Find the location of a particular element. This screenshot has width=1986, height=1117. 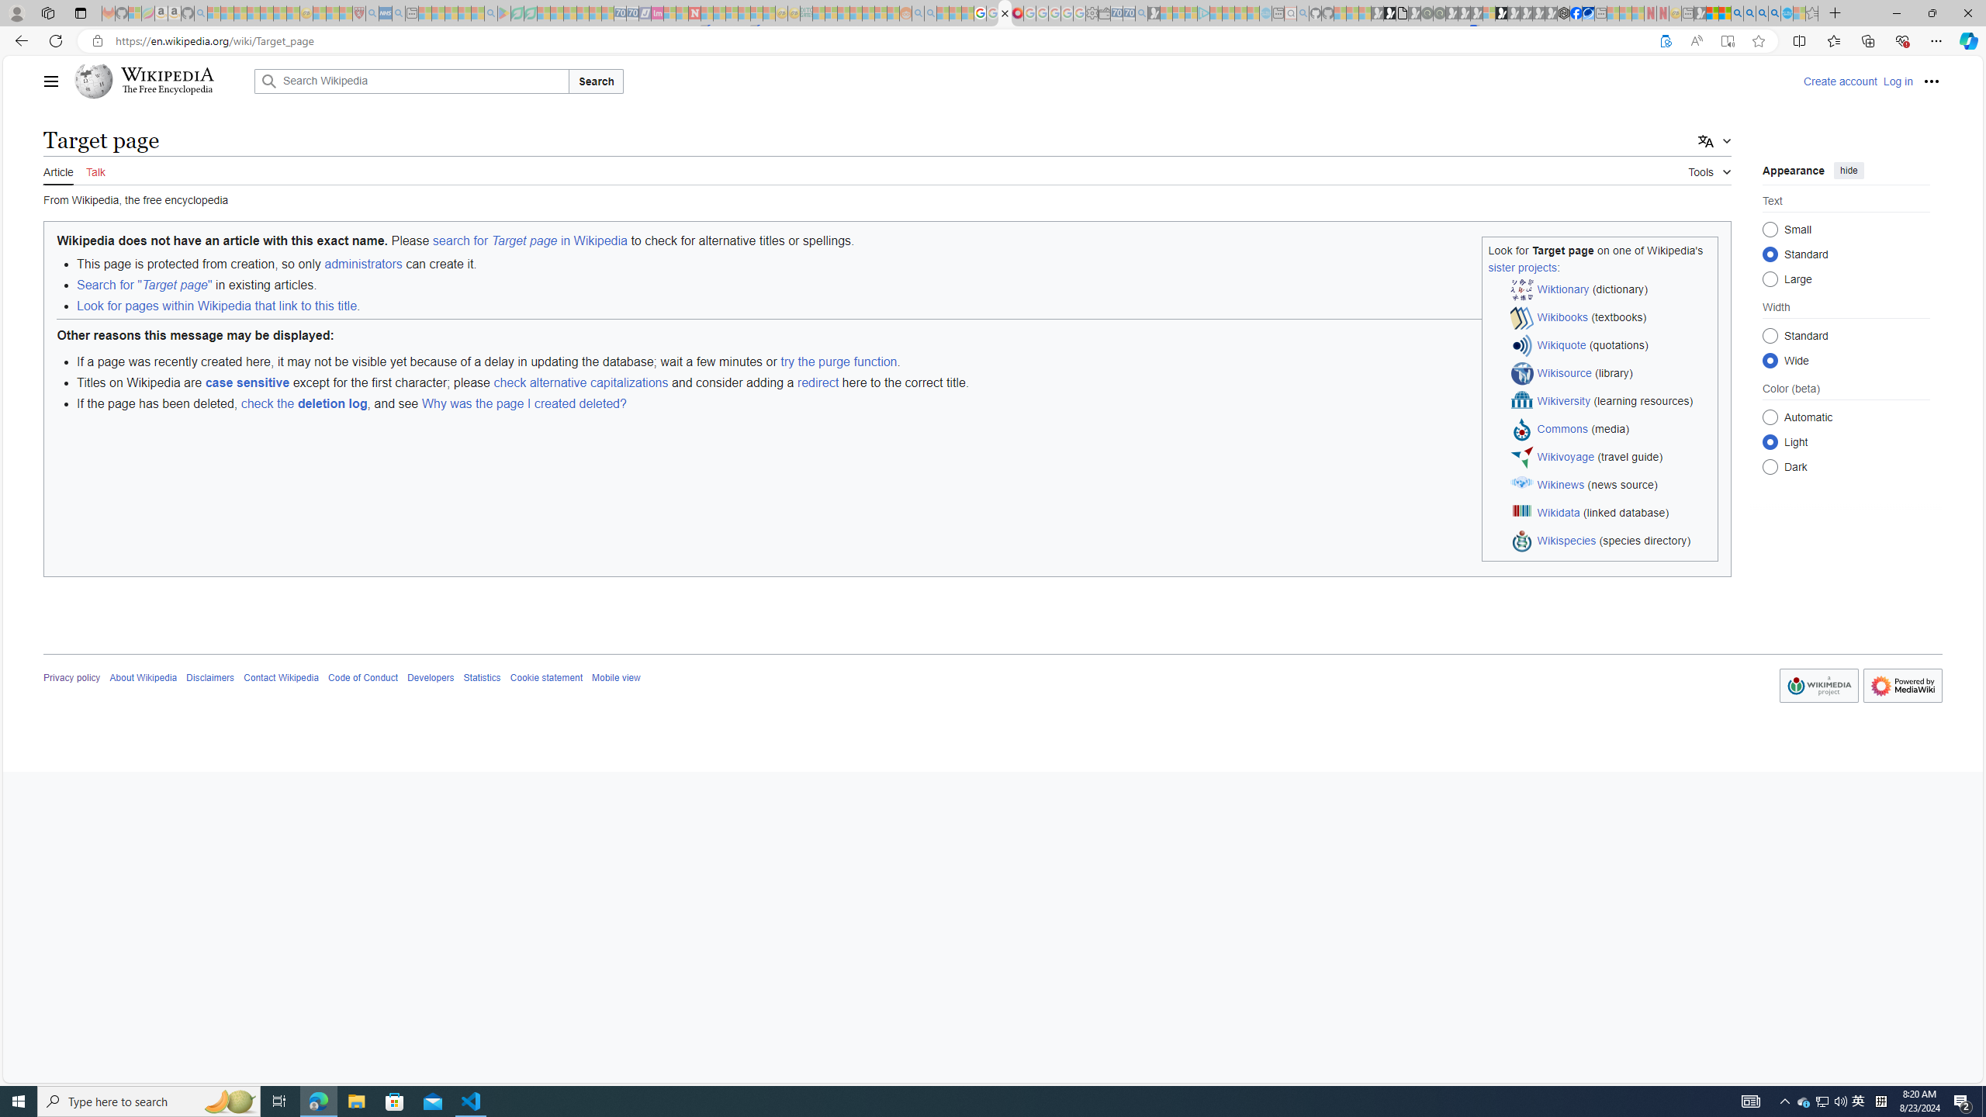

'Wikispecies (species directory)' is located at coordinates (1611, 541).